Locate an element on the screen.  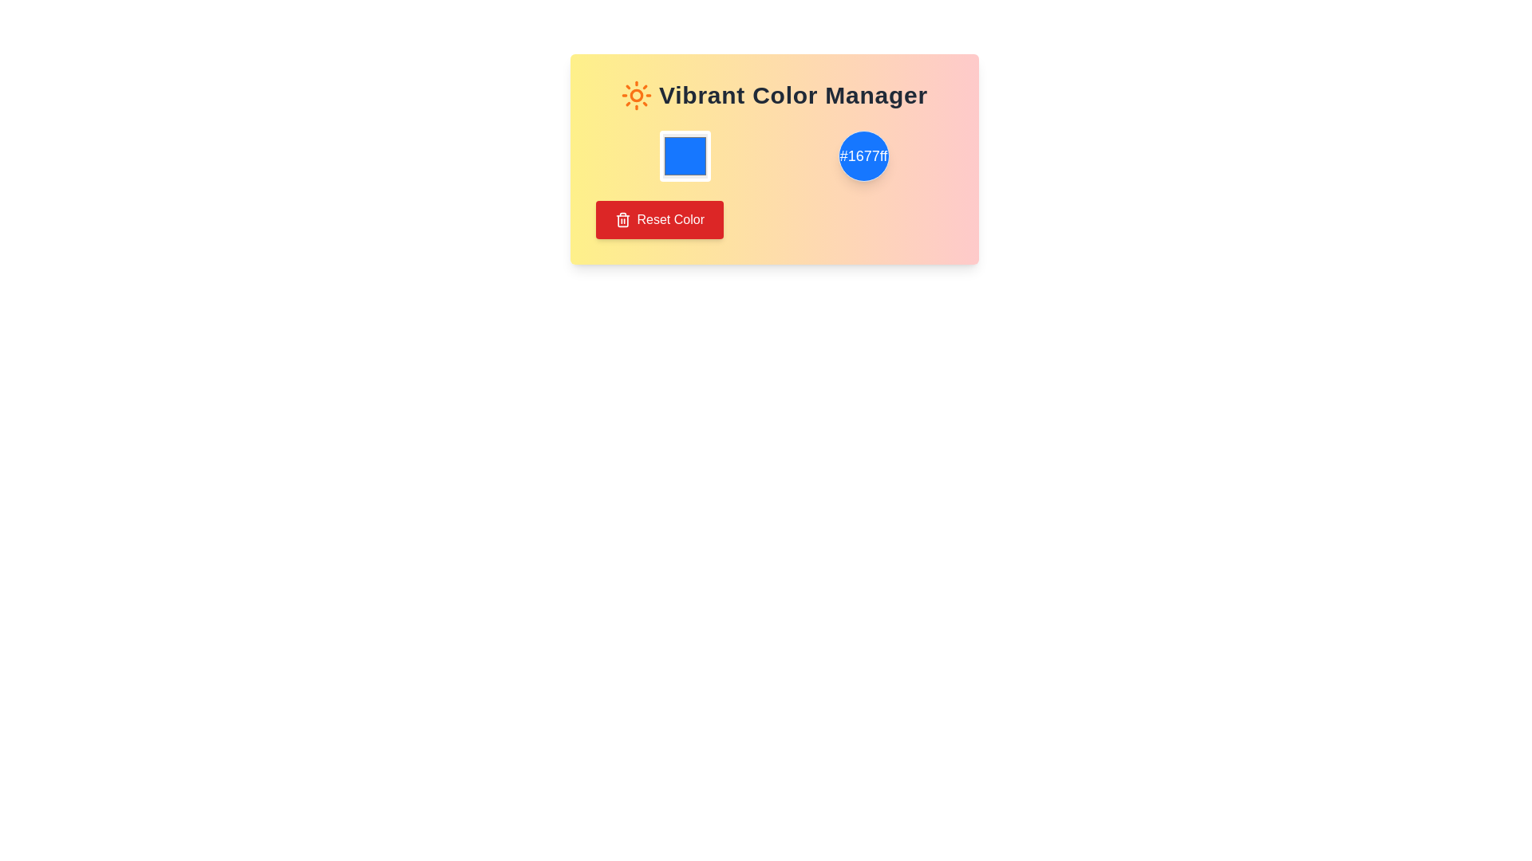
the bold text label reading 'Vibrant Color Manager', which is prominently displayed at the top-center of the UI is located at coordinates (793, 95).